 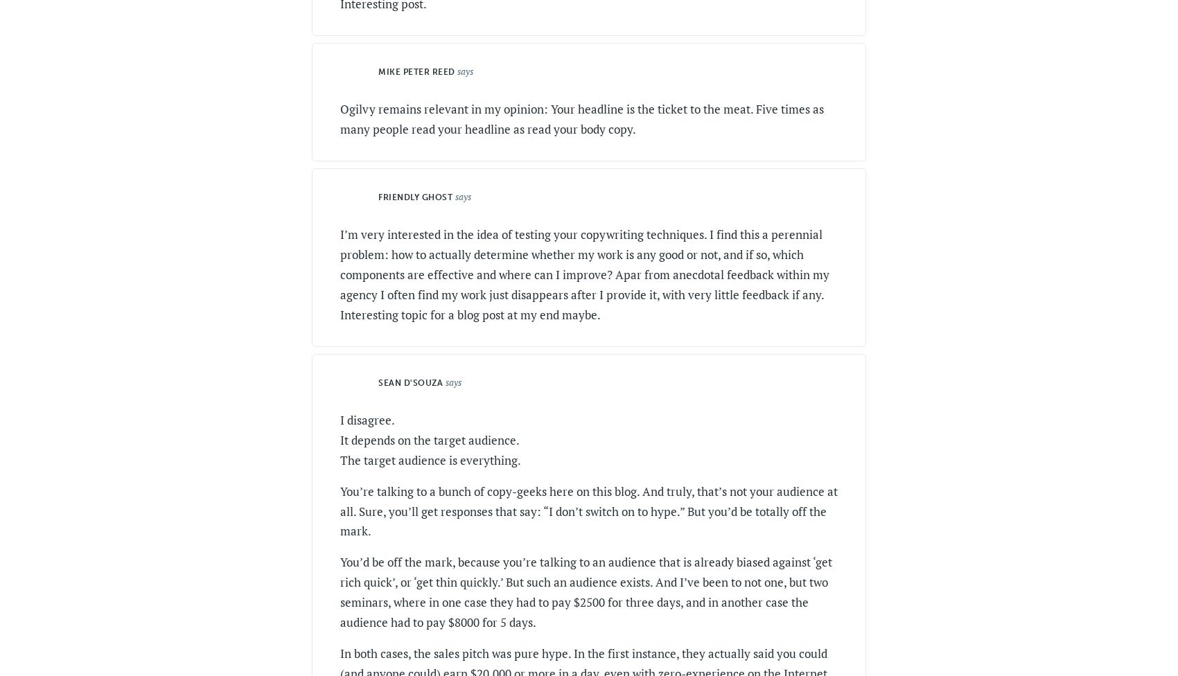 What do you see at coordinates (581, 118) in the screenshot?
I see `'Ogilvy remains relevant in my opinion: Your headline is the ticket to the meat. Five times as many people read your headline as read your body copy.'` at bounding box center [581, 118].